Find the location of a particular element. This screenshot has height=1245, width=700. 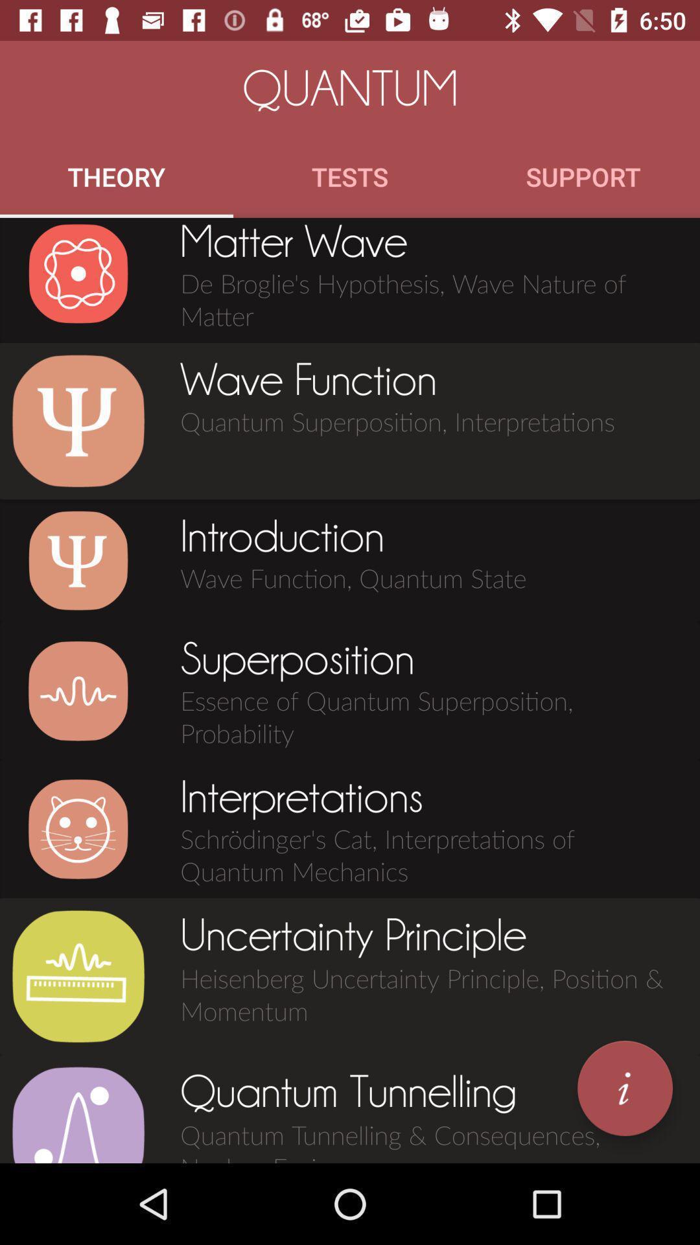

click on icon is located at coordinates (78, 560).